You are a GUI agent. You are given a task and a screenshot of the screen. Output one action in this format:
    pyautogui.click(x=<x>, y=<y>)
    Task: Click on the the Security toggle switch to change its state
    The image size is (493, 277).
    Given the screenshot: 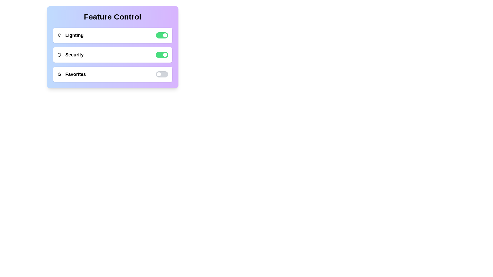 What is the action you would take?
    pyautogui.click(x=162, y=55)
    